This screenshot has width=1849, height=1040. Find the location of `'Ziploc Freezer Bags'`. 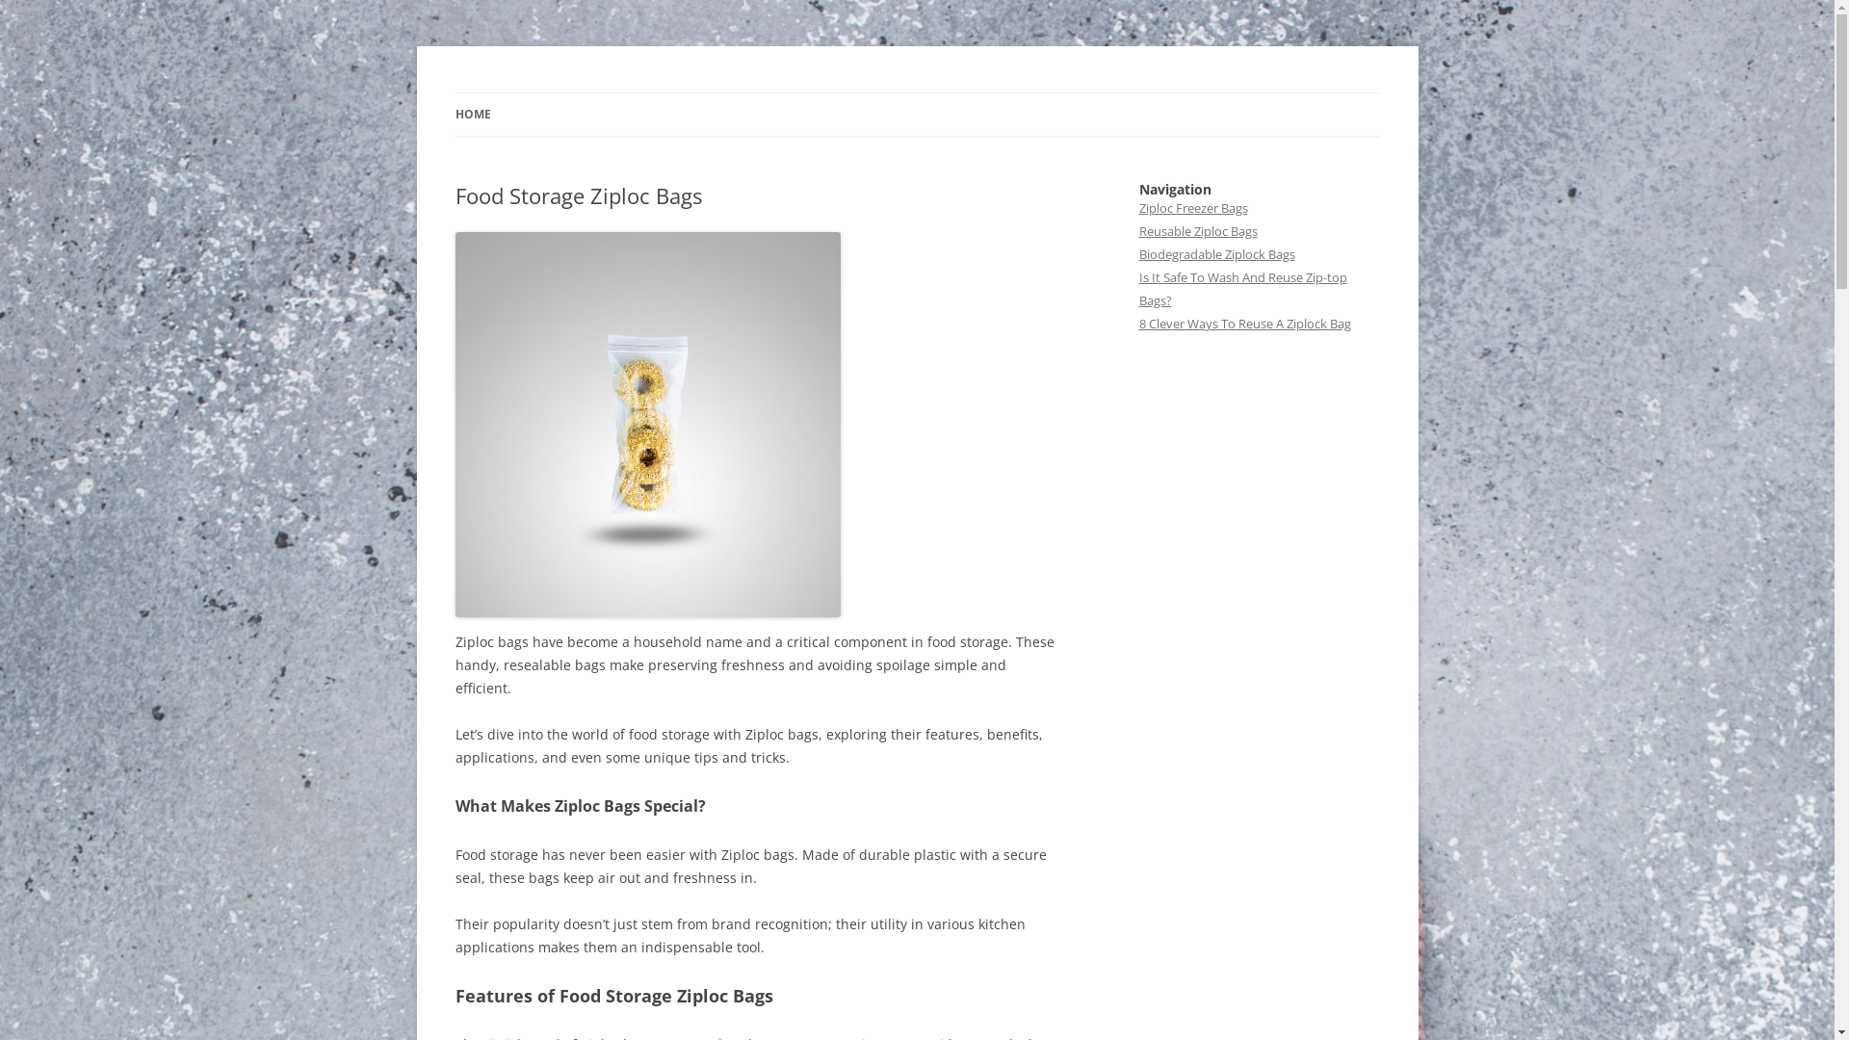

'Ziploc Freezer Bags' is located at coordinates (1191, 208).